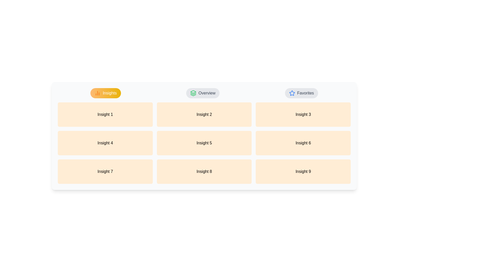 The image size is (489, 275). Describe the element at coordinates (105, 93) in the screenshot. I see `the Insights tab by clicking on its respective button` at that location.